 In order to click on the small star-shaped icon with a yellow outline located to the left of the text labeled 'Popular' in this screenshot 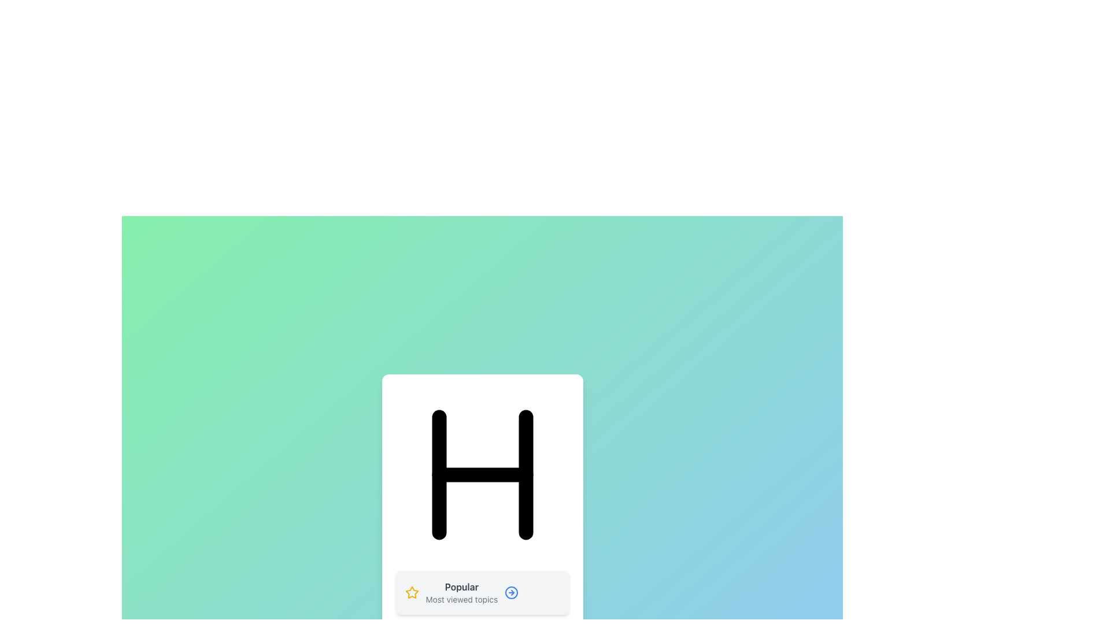, I will do `click(412, 593)`.